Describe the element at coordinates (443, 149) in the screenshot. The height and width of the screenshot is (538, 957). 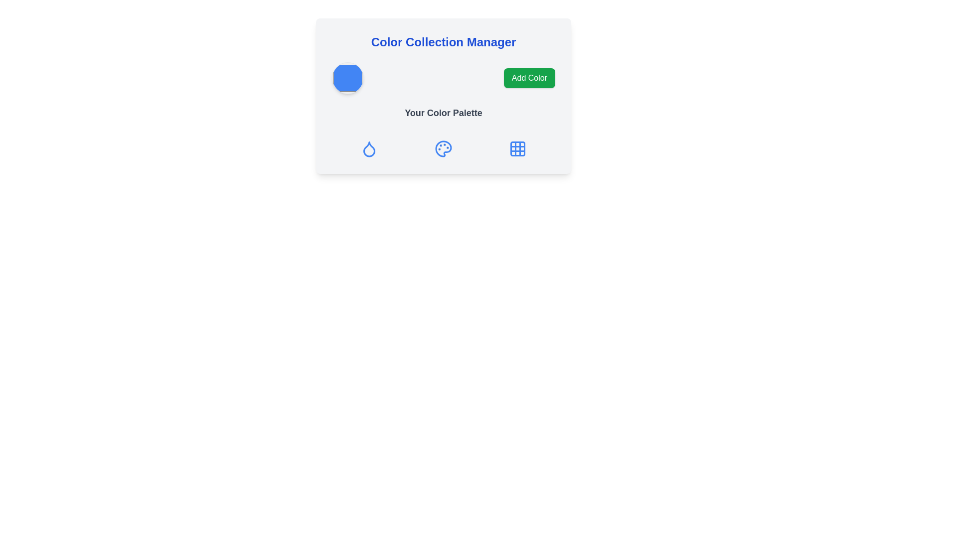
I see `the painter's palette icon, which is the second icon from the left in the horizontal sequence of icons on the card` at that location.